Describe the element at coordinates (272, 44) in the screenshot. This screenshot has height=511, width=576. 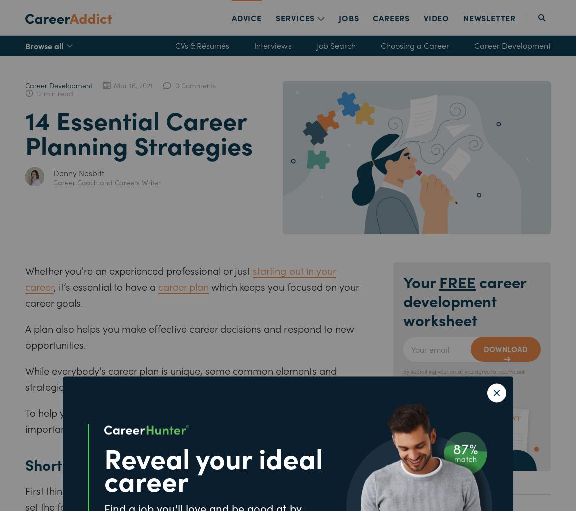
I see `'Interviews'` at that location.